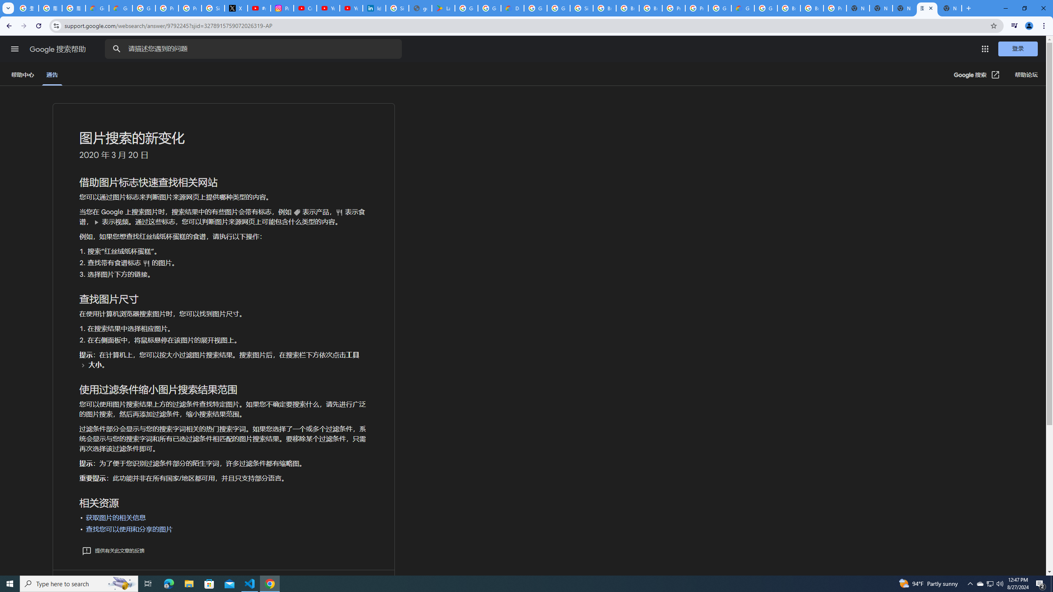 The image size is (1053, 592). What do you see at coordinates (190, 8) in the screenshot?
I see `'Privacy Help Center - Policies Help'` at bounding box center [190, 8].